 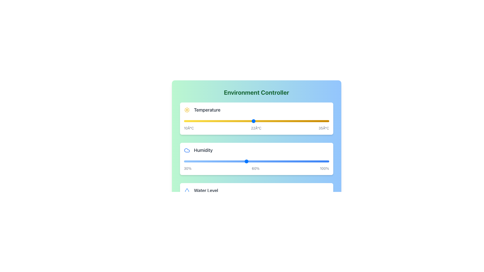 What do you see at coordinates (195, 121) in the screenshot?
I see `the temperature` at bounding box center [195, 121].